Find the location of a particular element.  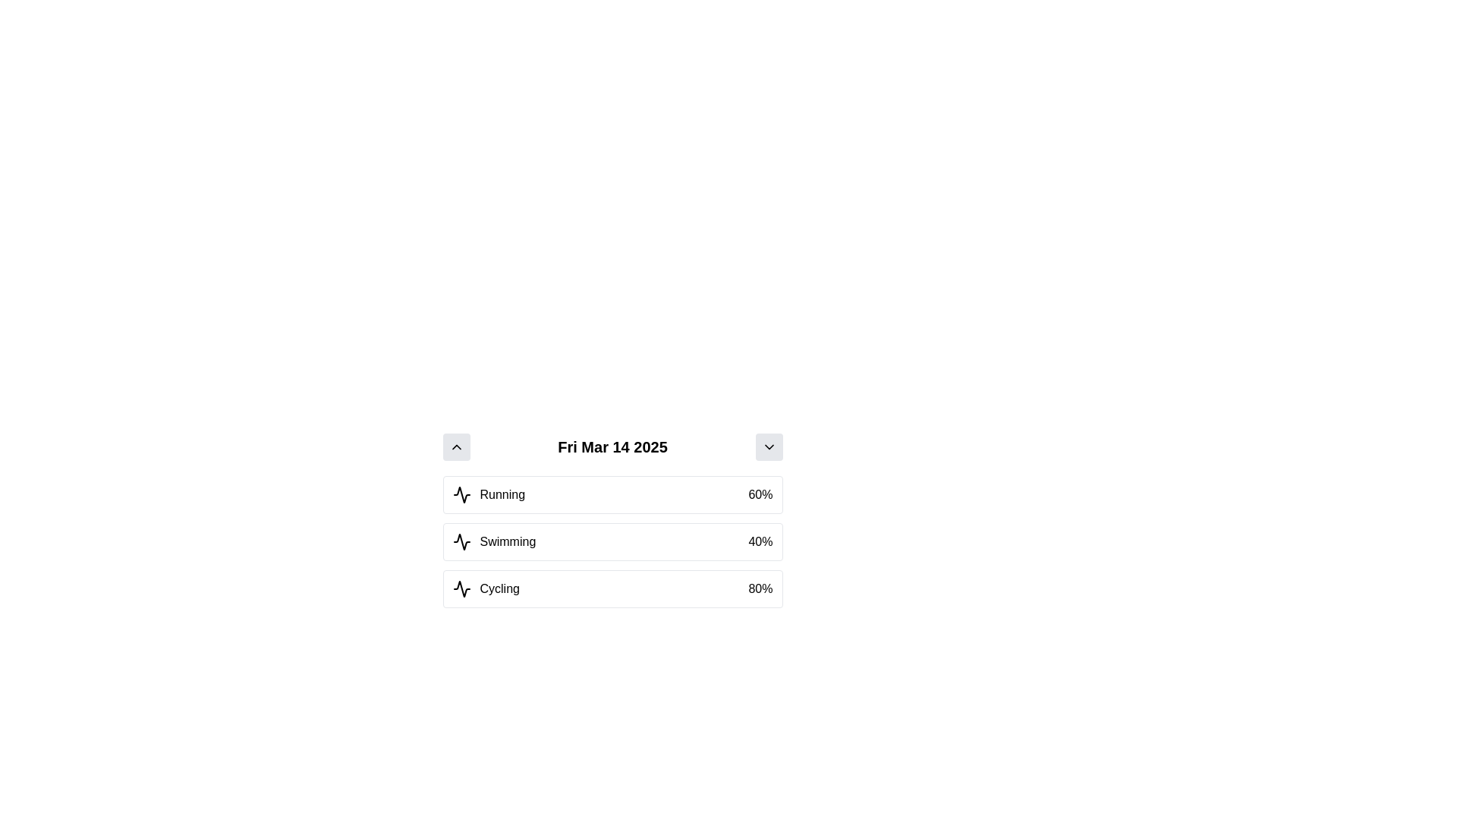

the 'Swimming' text label, which identifies a category in a vertical list of items between 'Running' and 'Cycling' is located at coordinates (508, 541).